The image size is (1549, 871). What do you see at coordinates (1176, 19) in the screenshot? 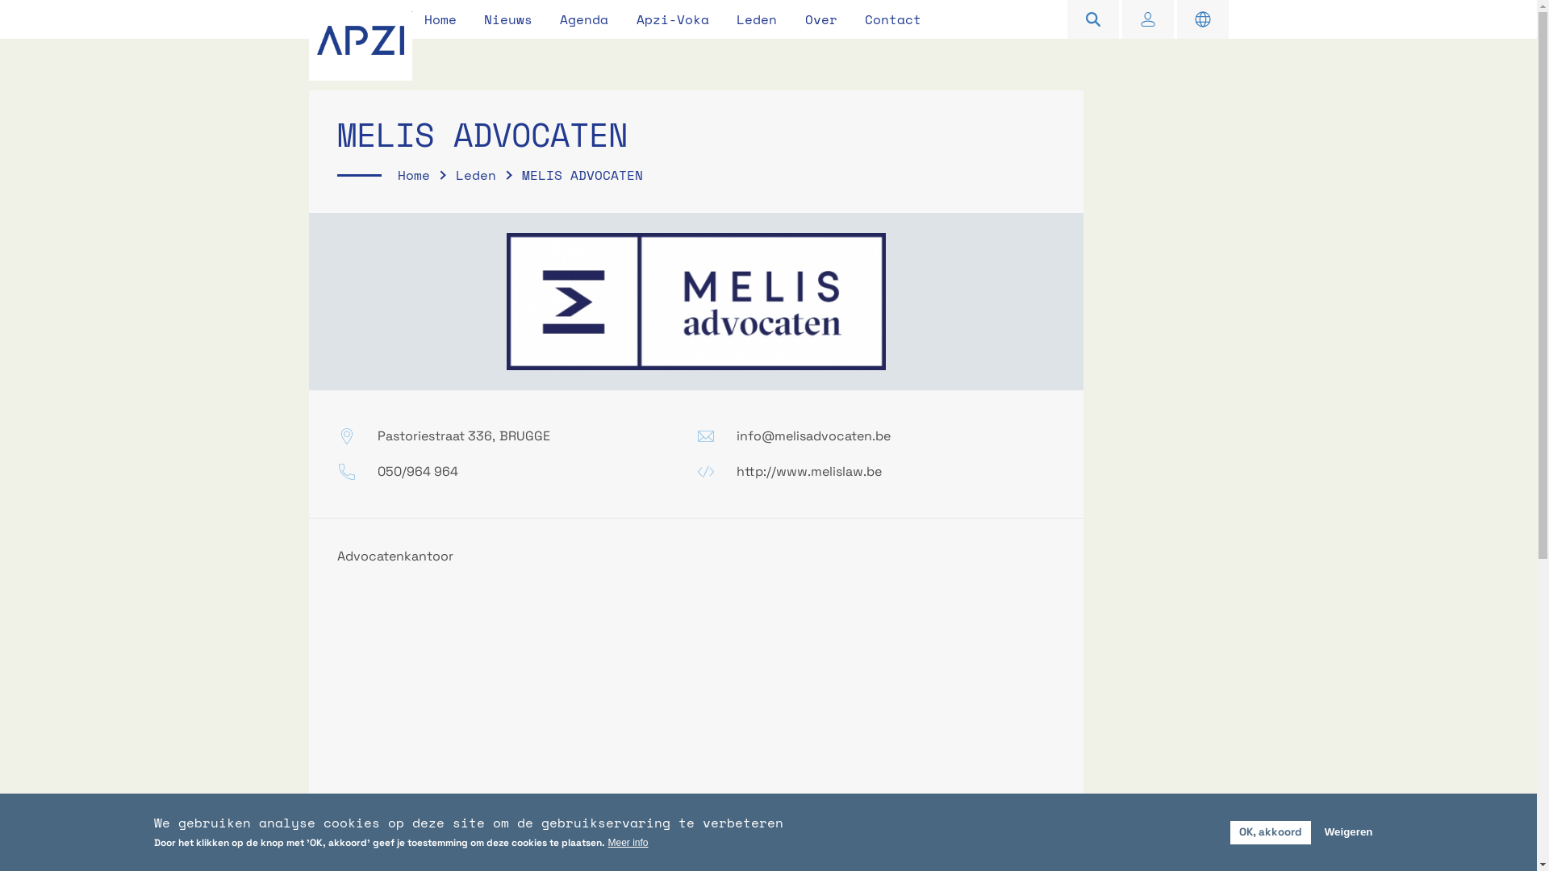
I see `'English information'` at bounding box center [1176, 19].